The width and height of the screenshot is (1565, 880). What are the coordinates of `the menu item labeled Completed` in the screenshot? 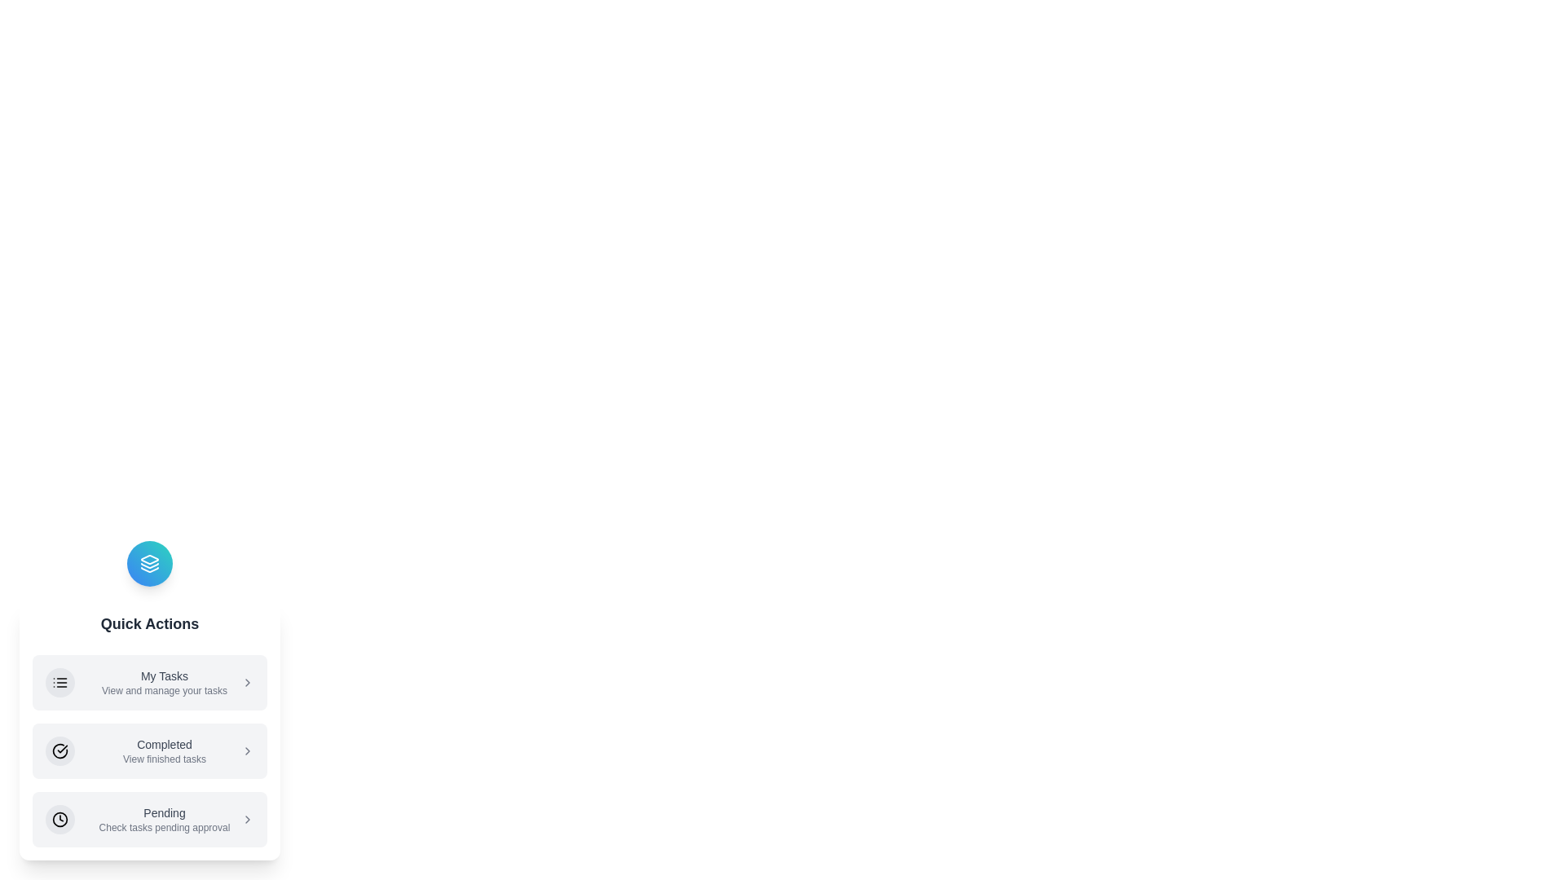 It's located at (149, 750).